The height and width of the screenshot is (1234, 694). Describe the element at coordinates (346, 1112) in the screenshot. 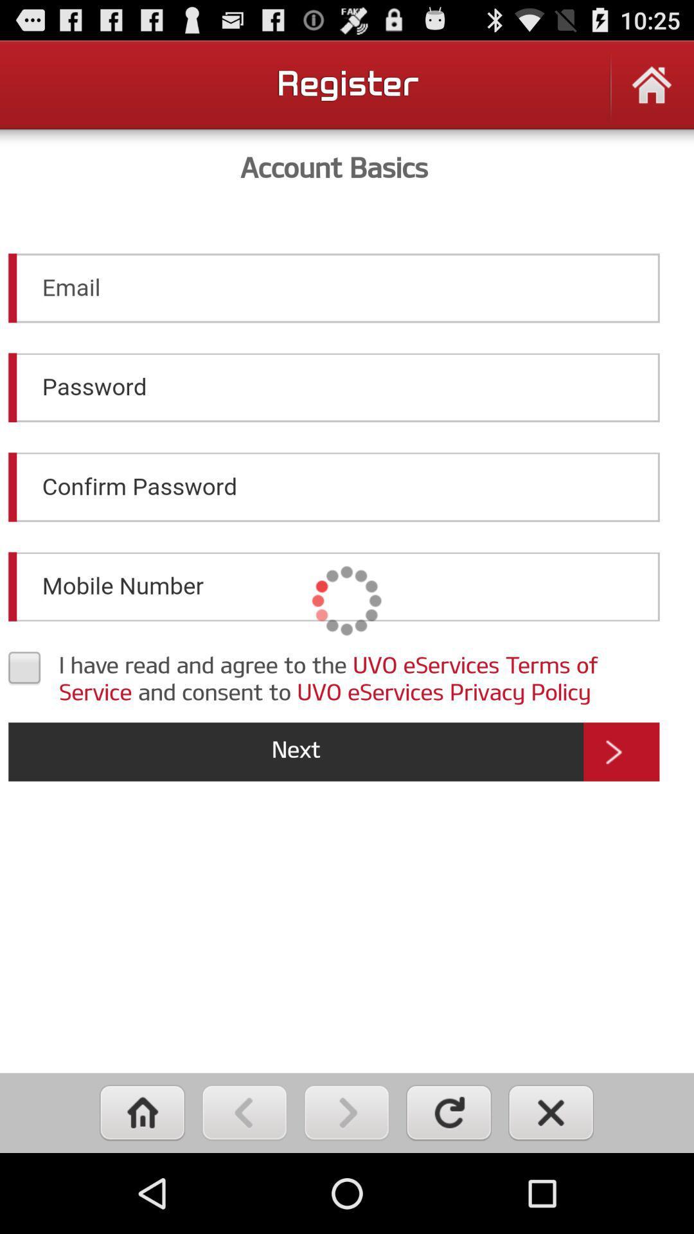

I see `go forward` at that location.